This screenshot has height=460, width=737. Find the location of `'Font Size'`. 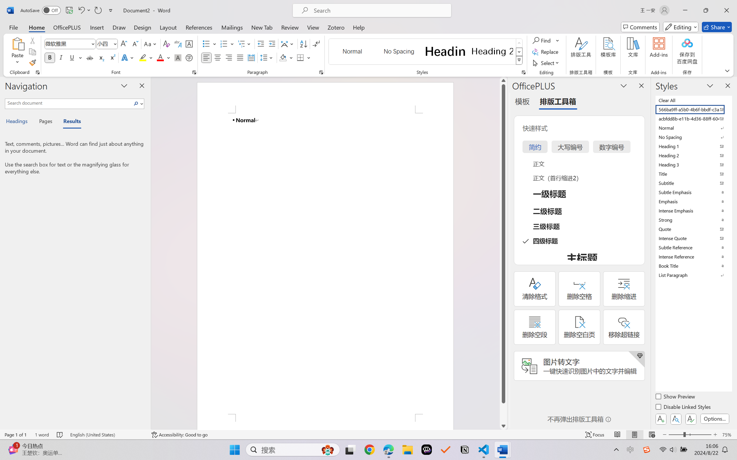

'Font Size' is located at coordinates (104, 44).